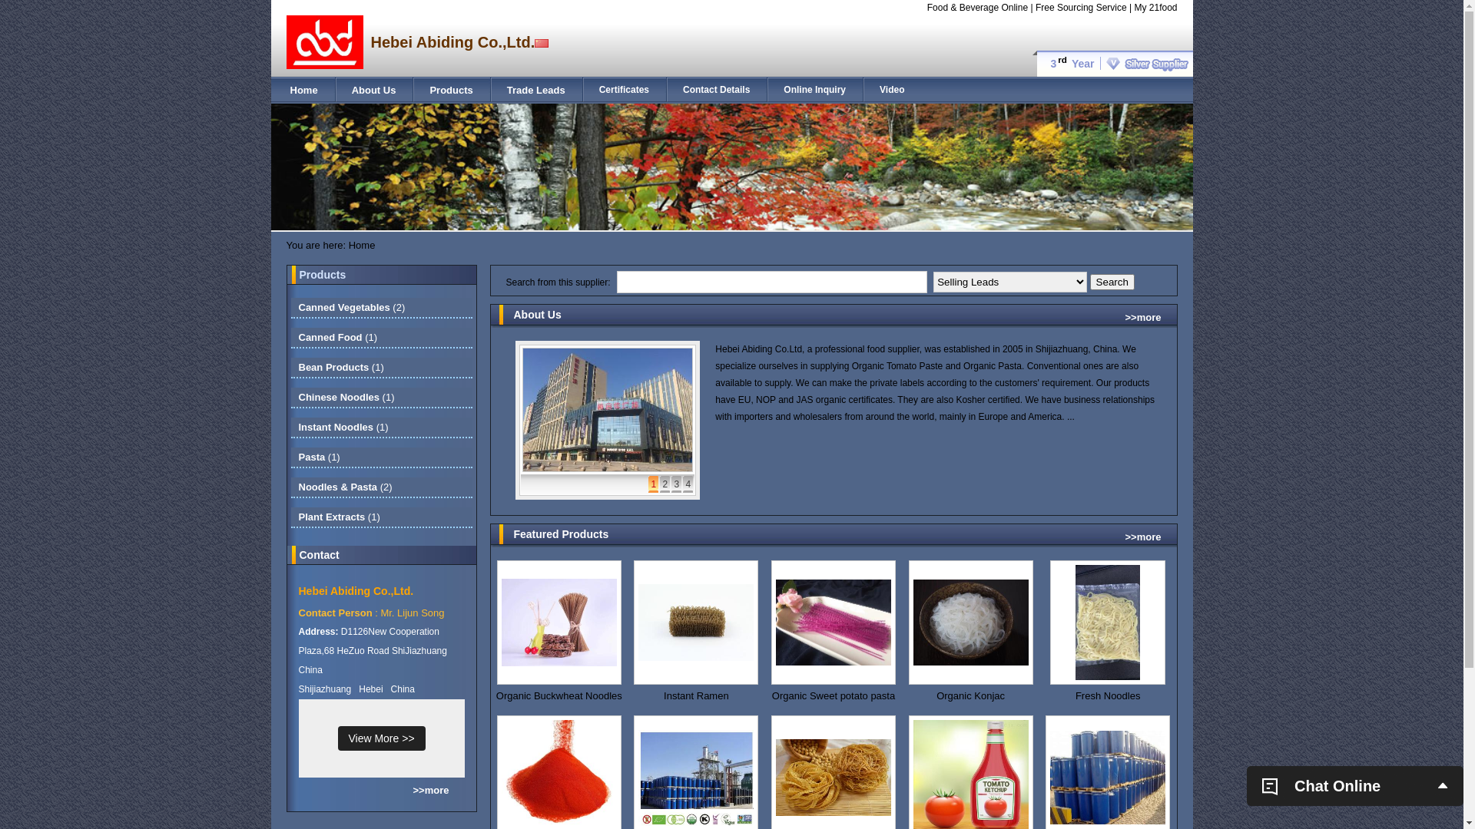 The width and height of the screenshot is (1475, 829). What do you see at coordinates (337, 737) in the screenshot?
I see `'View More >>'` at bounding box center [337, 737].